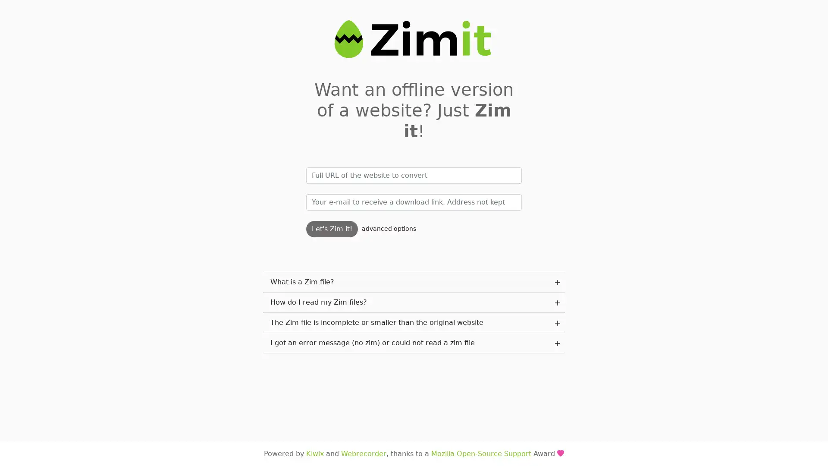  What do you see at coordinates (414, 342) in the screenshot?
I see `I got an error message (no zim) or could not read a zim file plus` at bounding box center [414, 342].